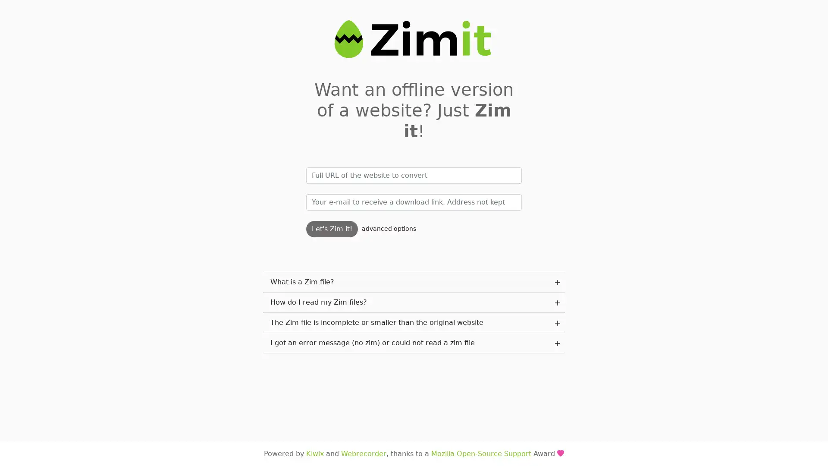  What do you see at coordinates (414, 342) in the screenshot?
I see `I got an error message (no zim) or could not read a zim file plus` at bounding box center [414, 342].